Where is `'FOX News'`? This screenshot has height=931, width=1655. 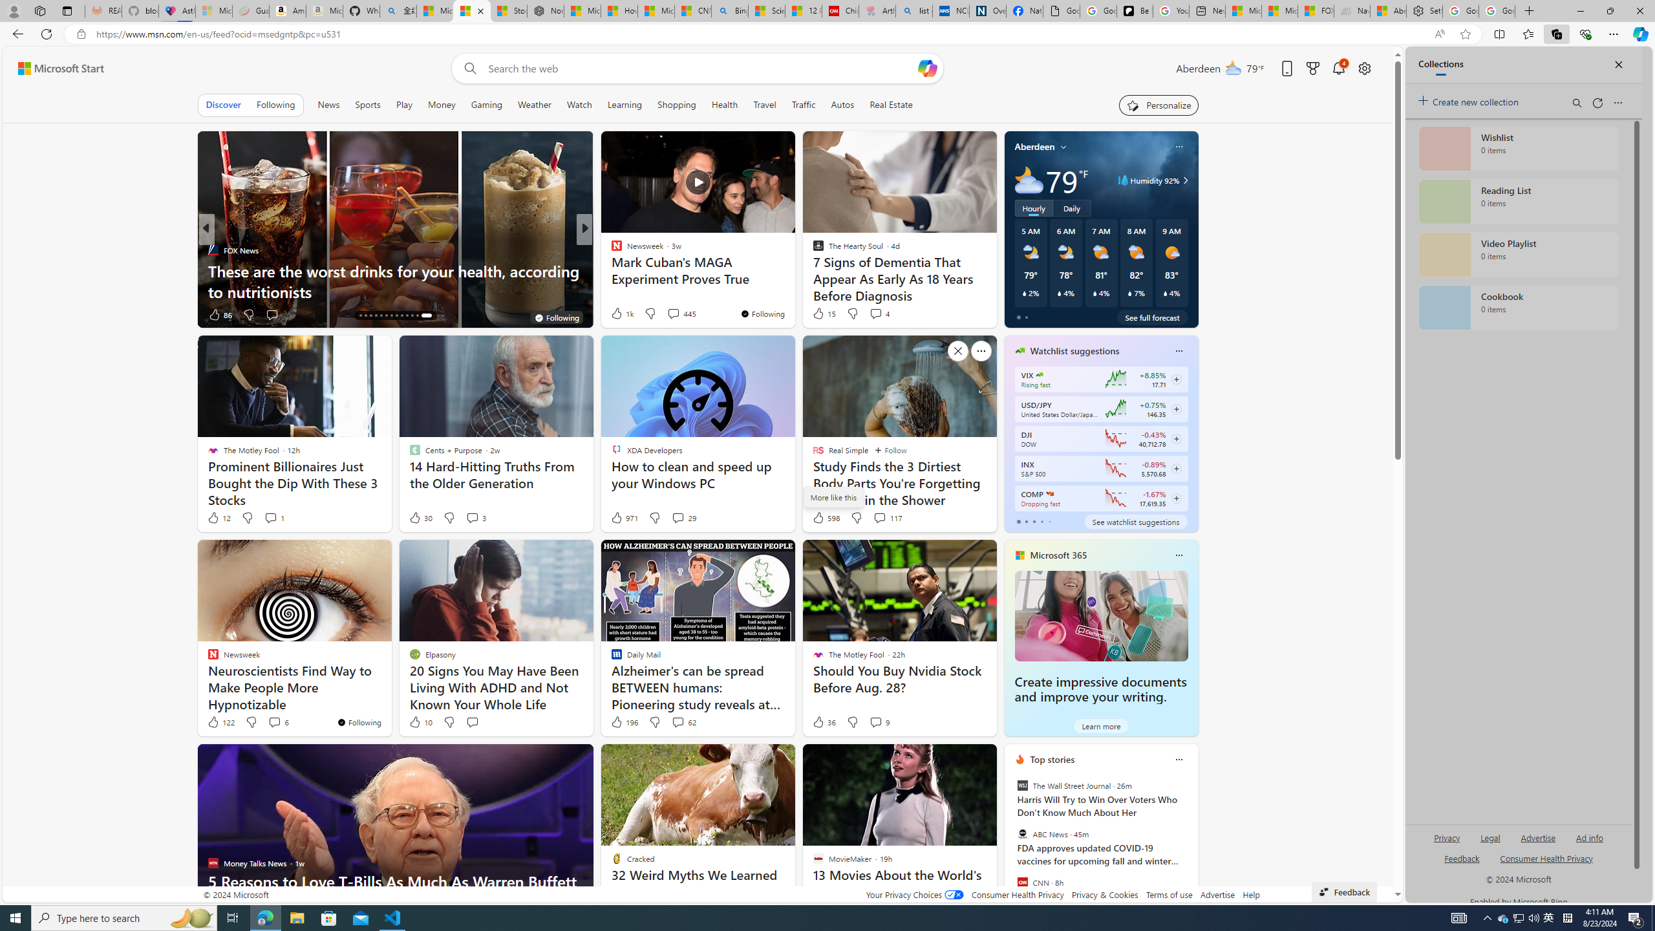 'FOX News' is located at coordinates (211, 250).